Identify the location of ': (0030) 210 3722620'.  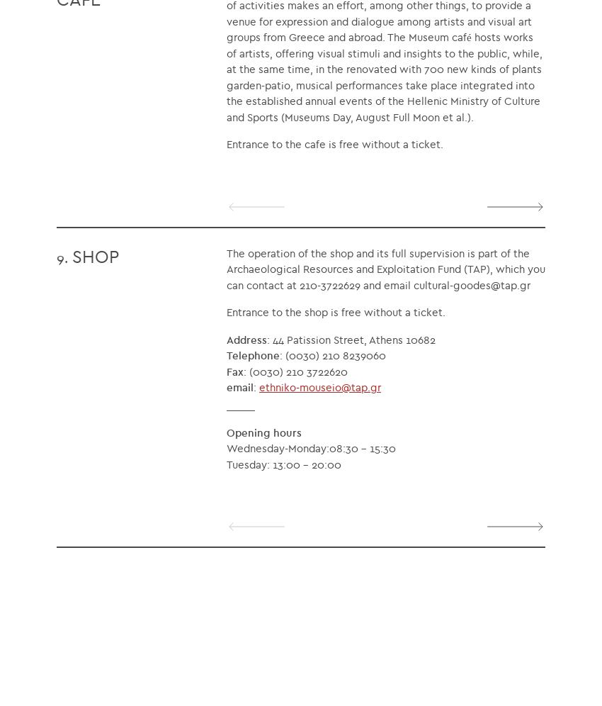
(295, 371).